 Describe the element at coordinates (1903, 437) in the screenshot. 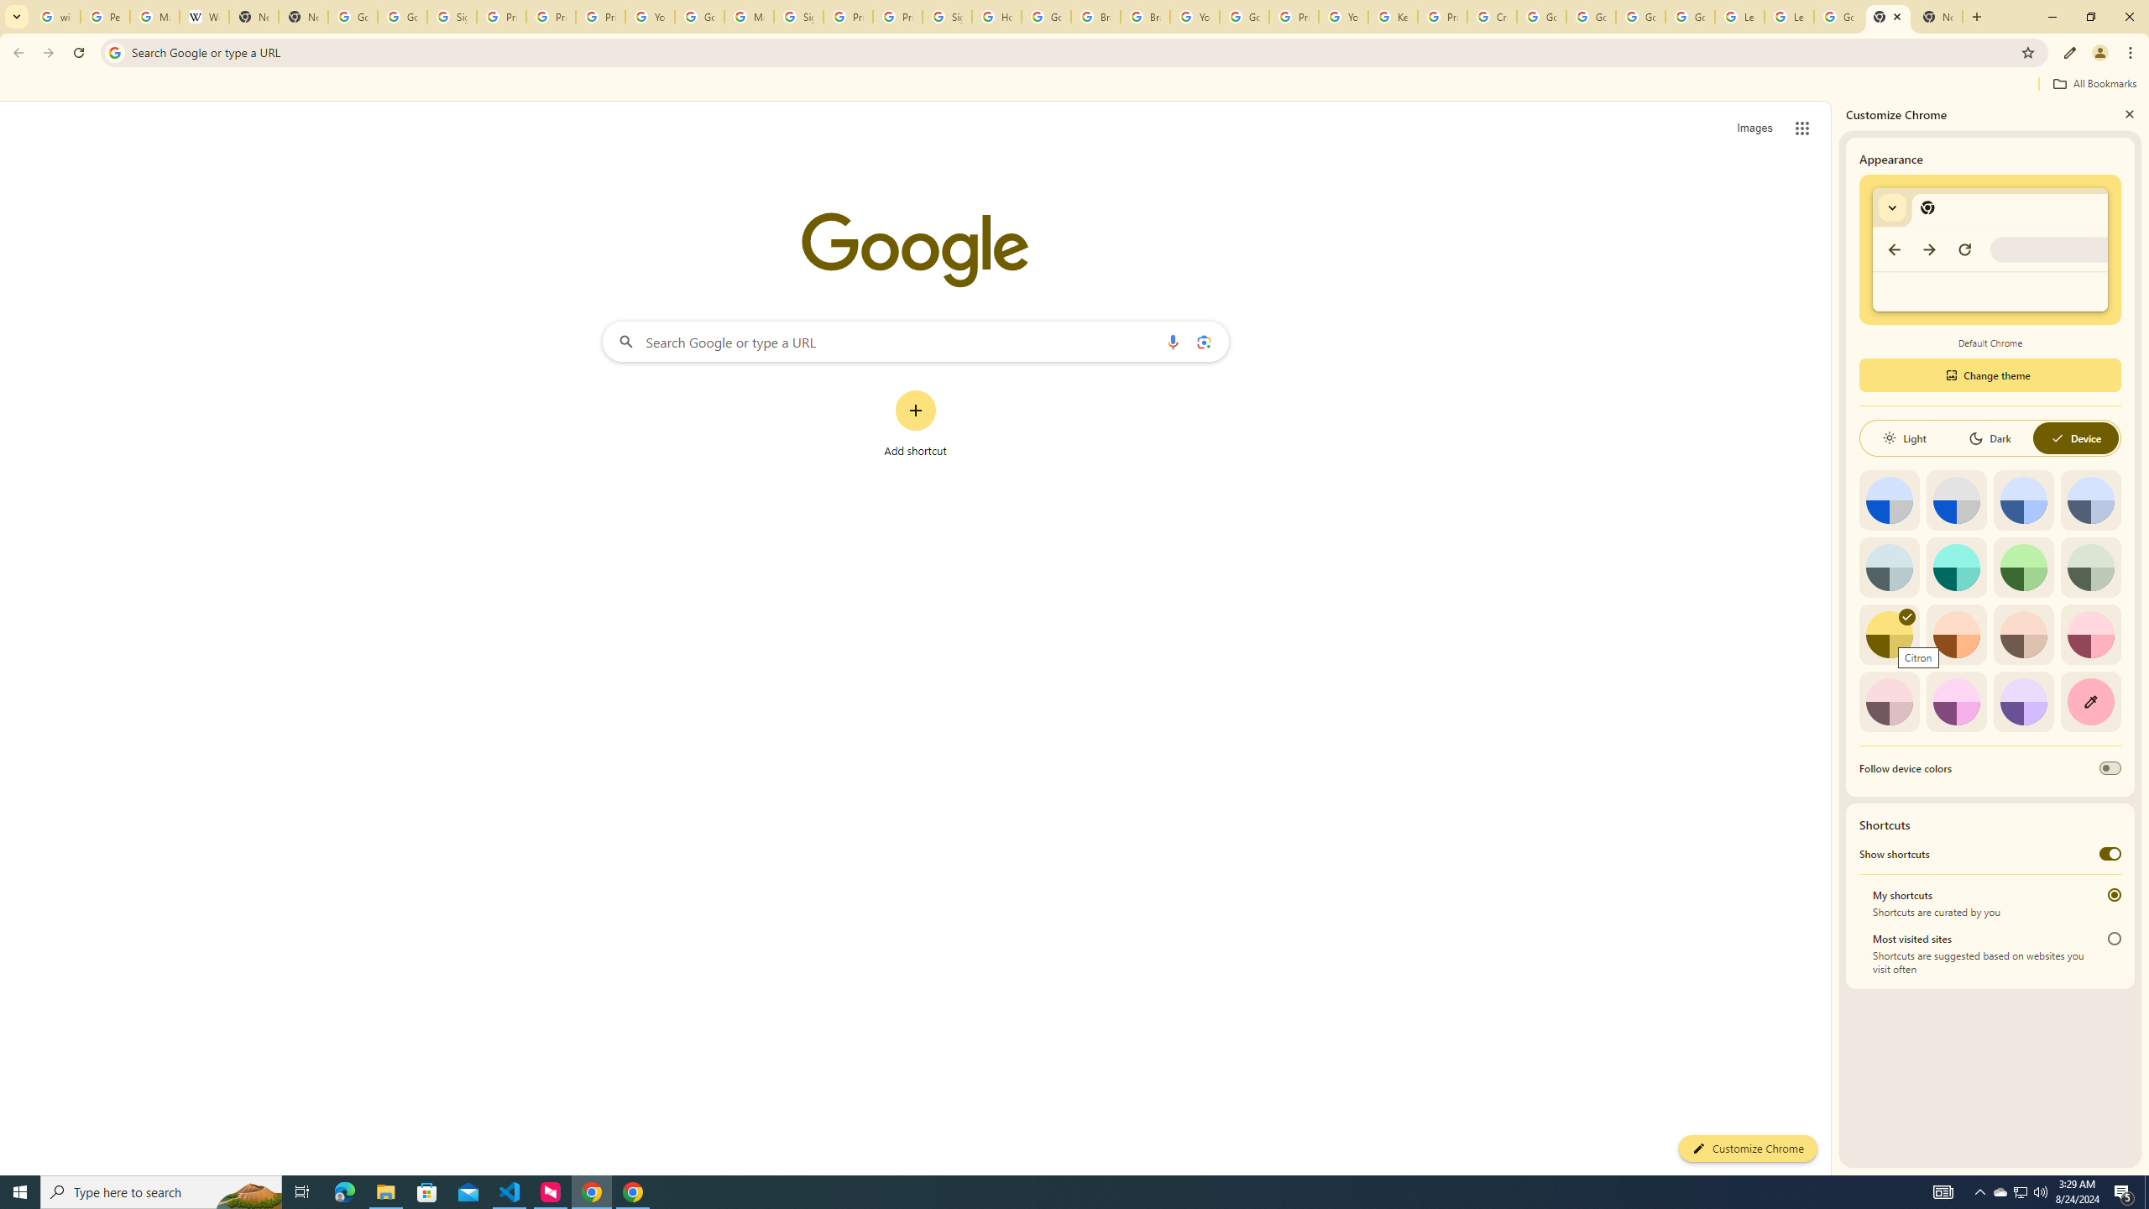

I see `'Light'` at that location.